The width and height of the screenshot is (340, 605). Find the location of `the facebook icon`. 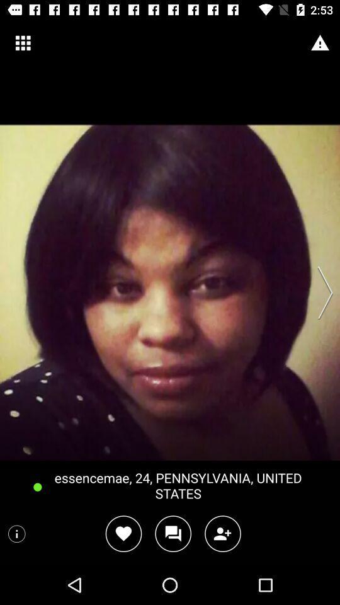

the facebook icon is located at coordinates (123, 533).